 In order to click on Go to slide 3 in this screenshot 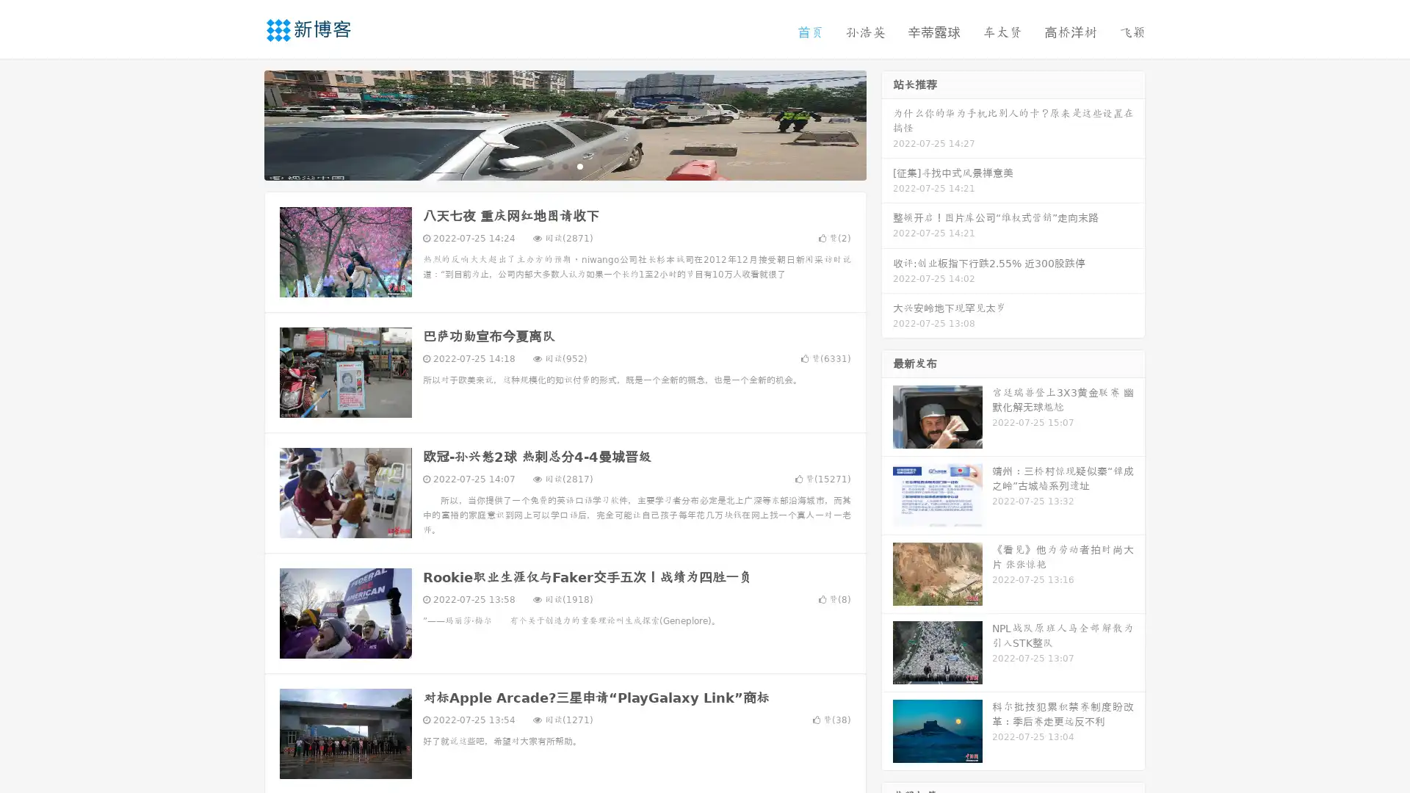, I will do `click(579, 165)`.